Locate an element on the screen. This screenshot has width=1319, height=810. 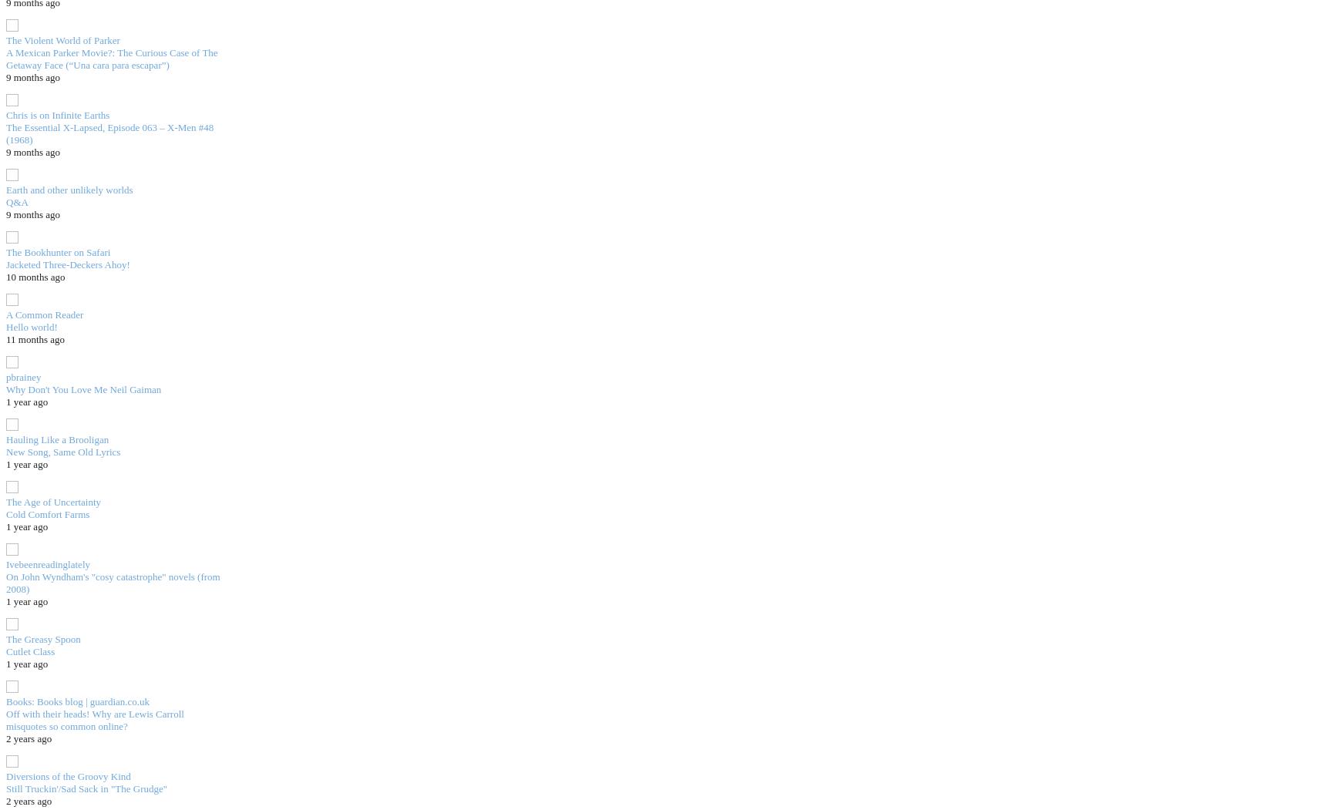
'Books: Books blog | guardian.co.uk' is located at coordinates (5, 701).